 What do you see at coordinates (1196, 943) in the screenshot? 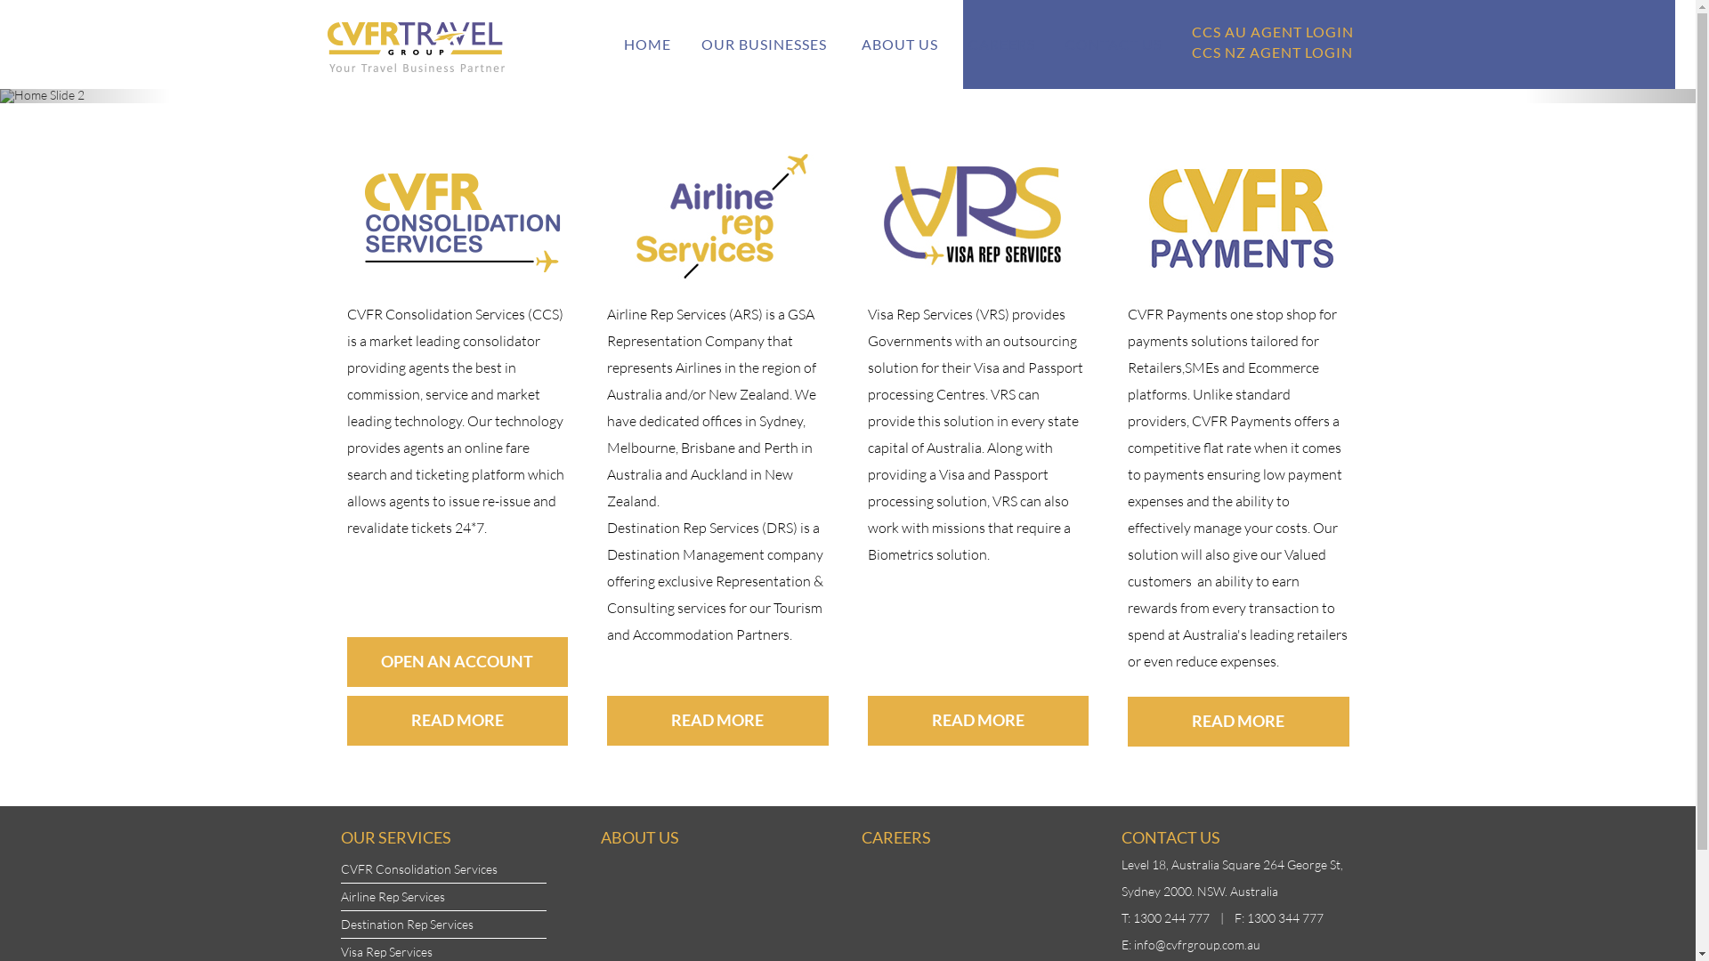
I see `'info@cvfrgroup.com.au'` at bounding box center [1196, 943].